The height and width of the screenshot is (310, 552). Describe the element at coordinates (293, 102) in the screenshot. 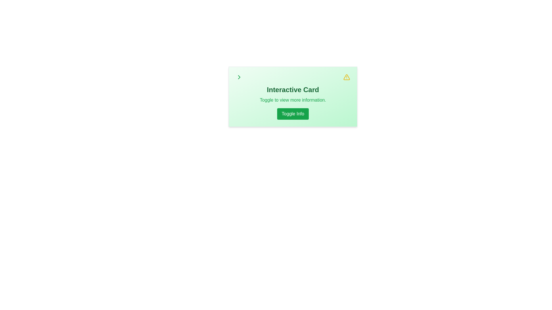

I see `the 'Toggle Info' button located on the 'Interactive Card' section, which is identified by its bold green title and supplementary information in green text` at that location.